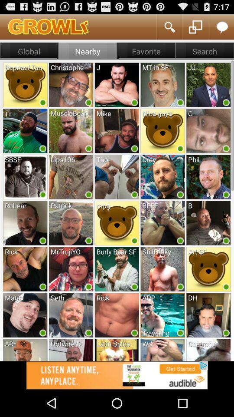 Image resolution: width=234 pixels, height=417 pixels. What do you see at coordinates (208, 176) in the screenshot?
I see `the image on which phil is written` at bounding box center [208, 176].